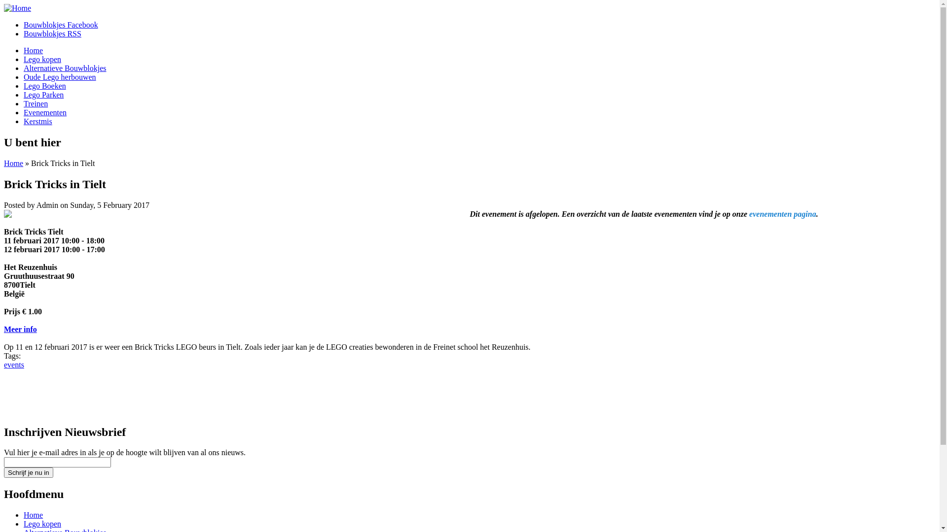  Describe the element at coordinates (24, 59) in the screenshot. I see `'Lego kopen'` at that location.